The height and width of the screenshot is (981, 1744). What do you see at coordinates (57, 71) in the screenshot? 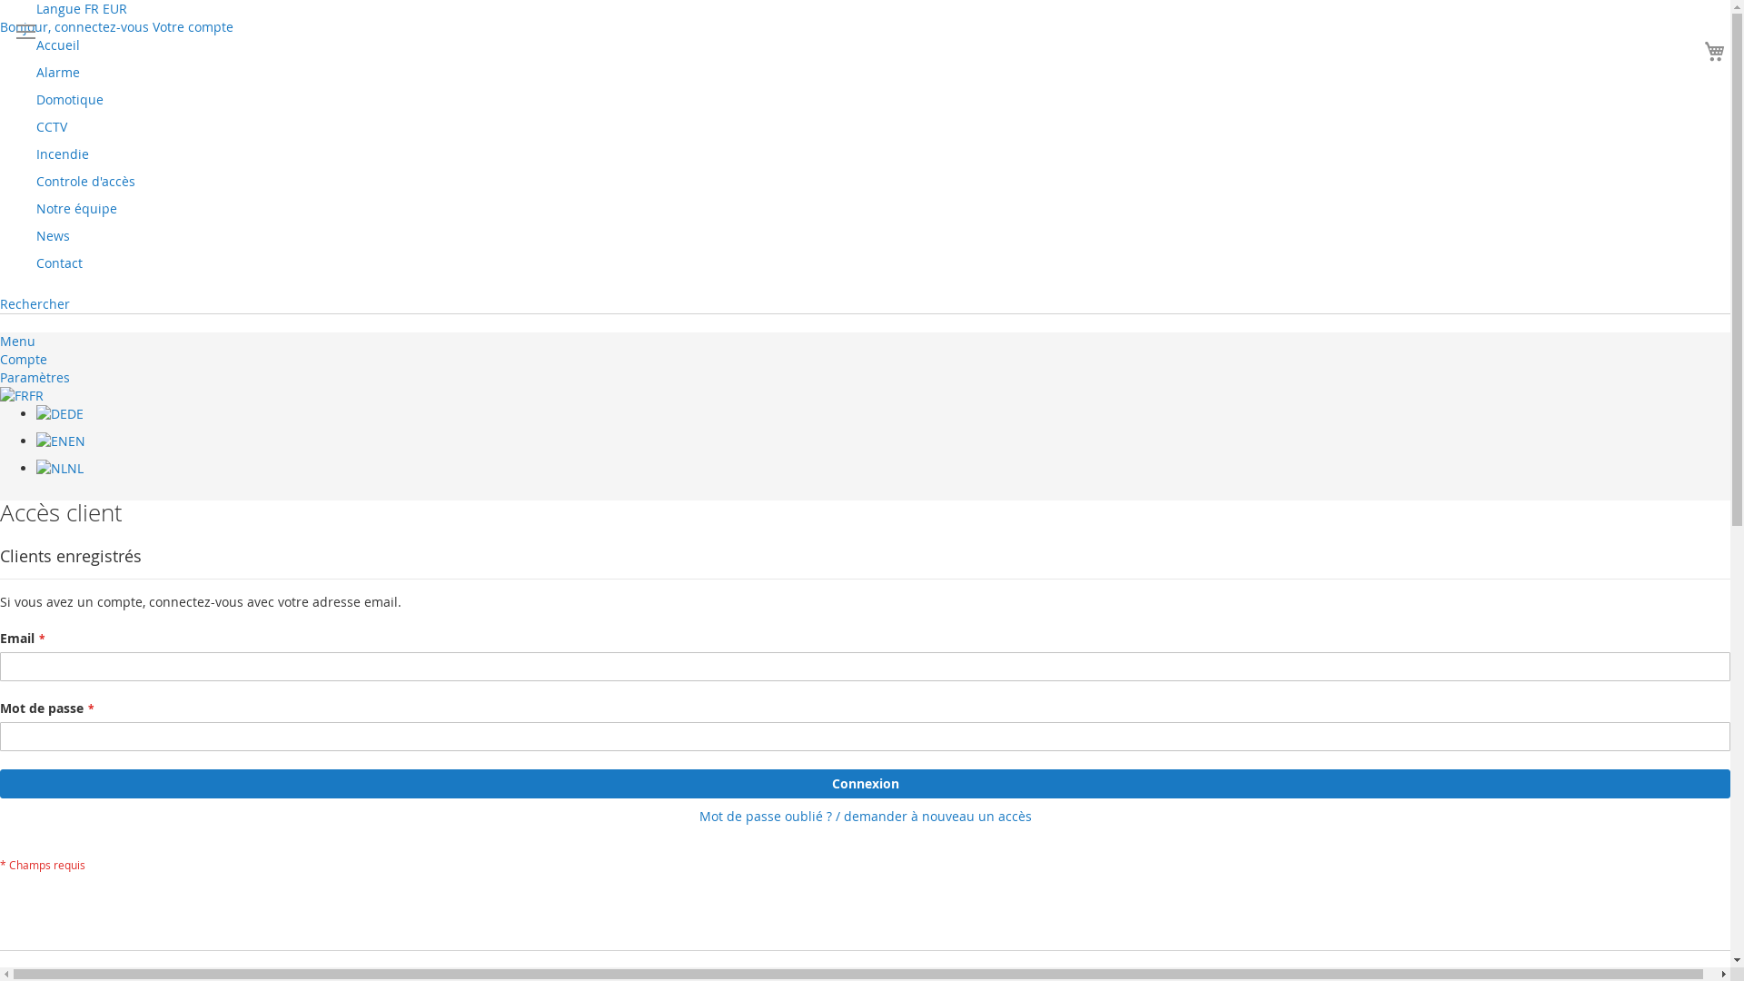
I see `'Alarme'` at bounding box center [57, 71].